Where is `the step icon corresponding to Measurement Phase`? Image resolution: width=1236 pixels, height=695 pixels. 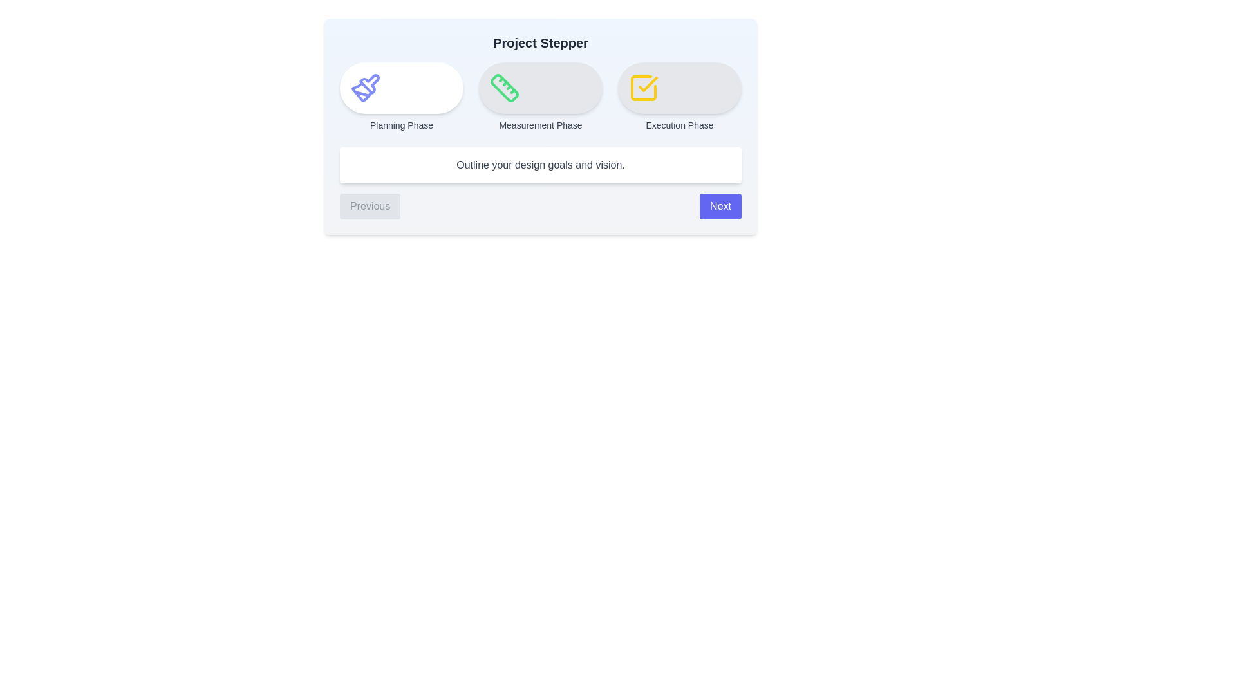
the step icon corresponding to Measurement Phase is located at coordinates (541, 88).